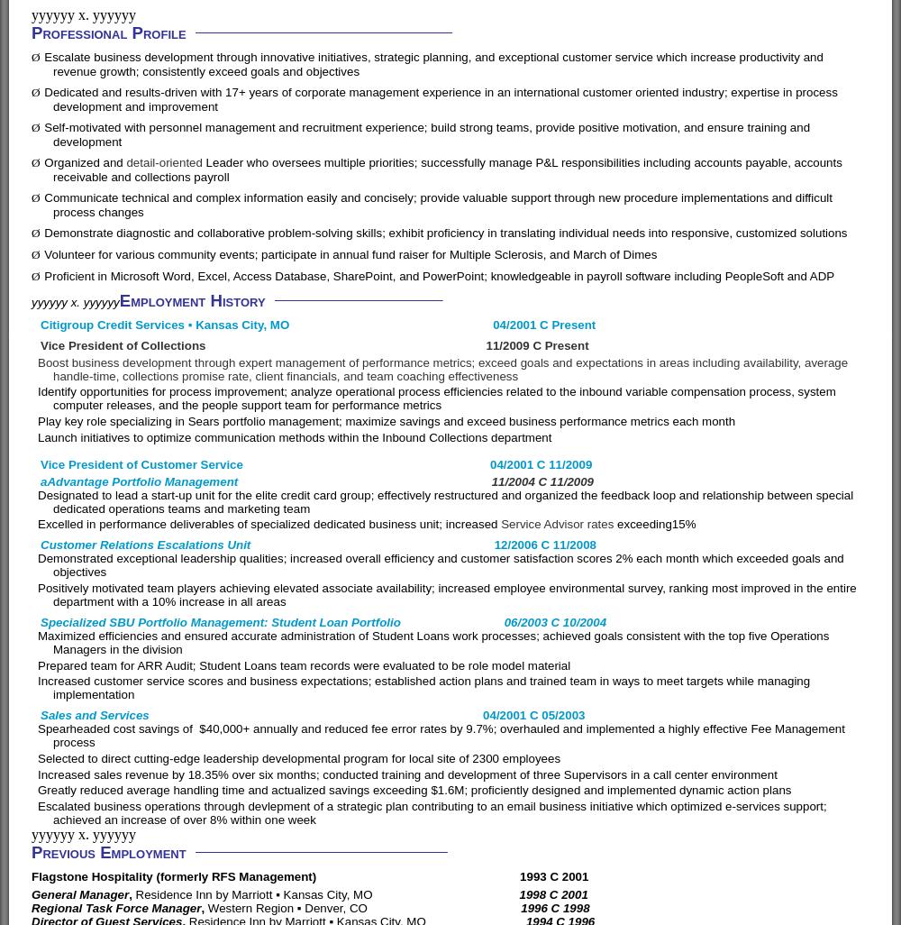  I want to click on '2001  C Present', so click(554, 324).